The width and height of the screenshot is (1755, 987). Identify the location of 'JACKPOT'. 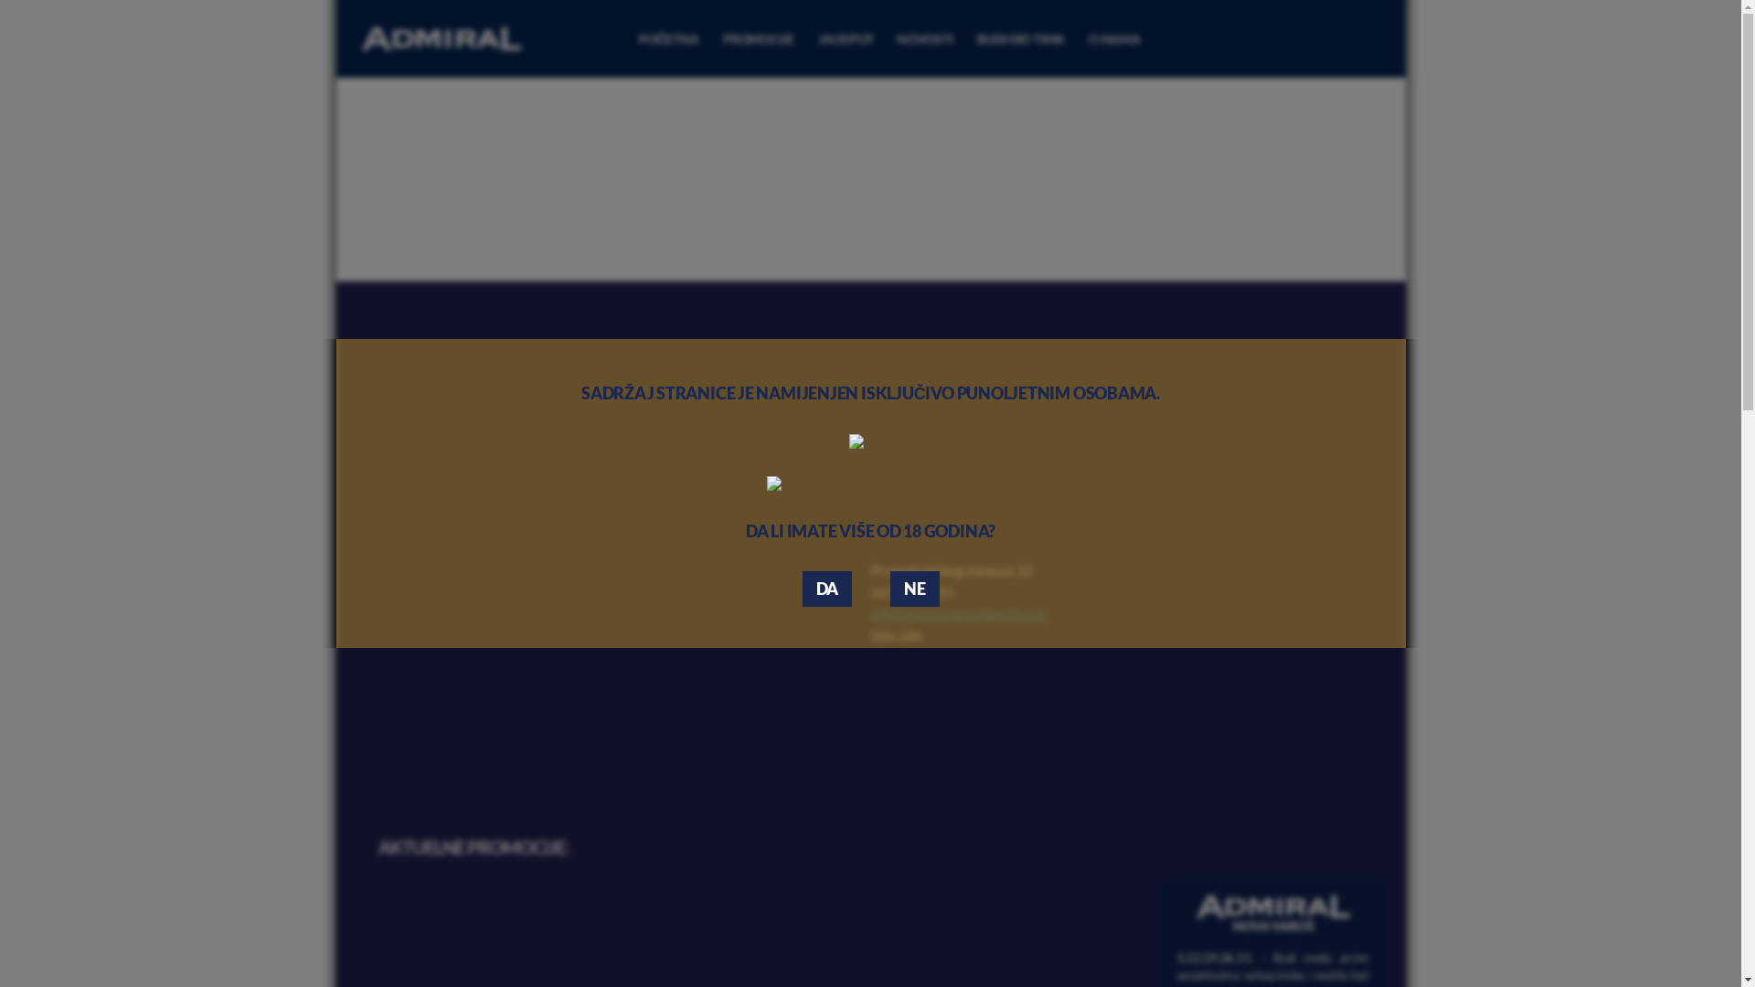
(845, 38).